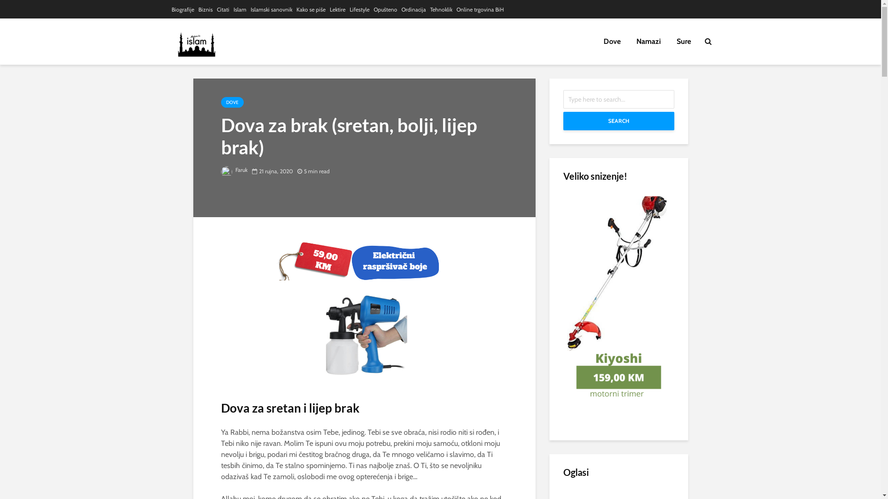  What do you see at coordinates (234, 170) in the screenshot?
I see `'Faruk'` at bounding box center [234, 170].